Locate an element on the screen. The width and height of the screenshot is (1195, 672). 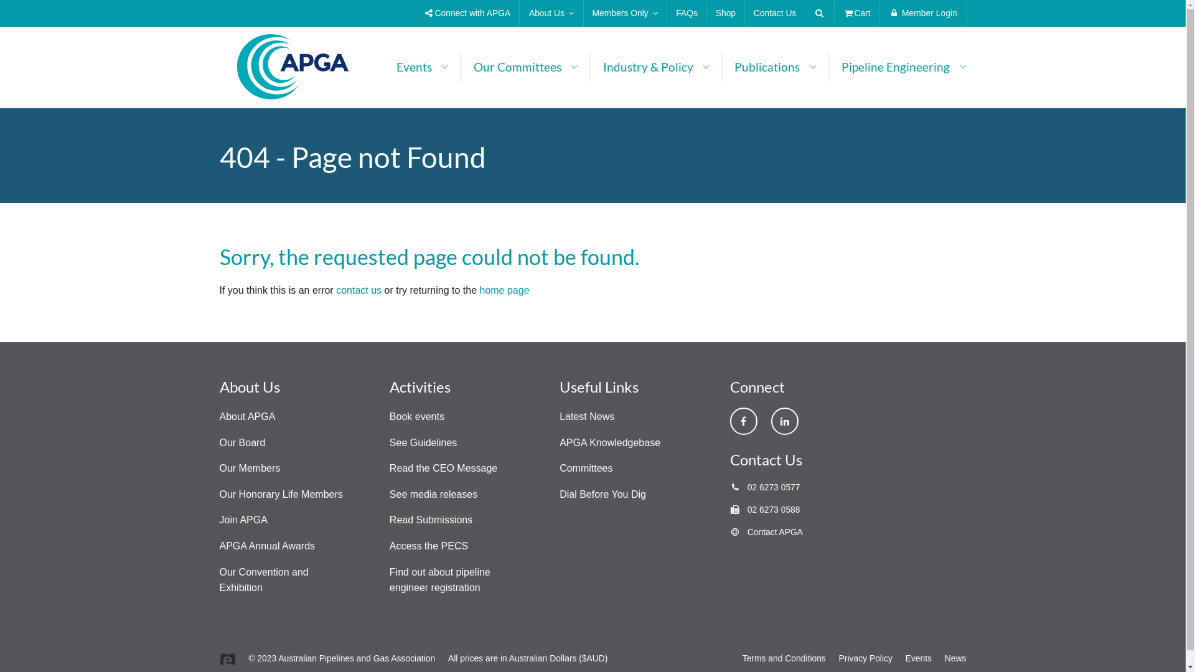
'Book events' is located at coordinates (417, 416).